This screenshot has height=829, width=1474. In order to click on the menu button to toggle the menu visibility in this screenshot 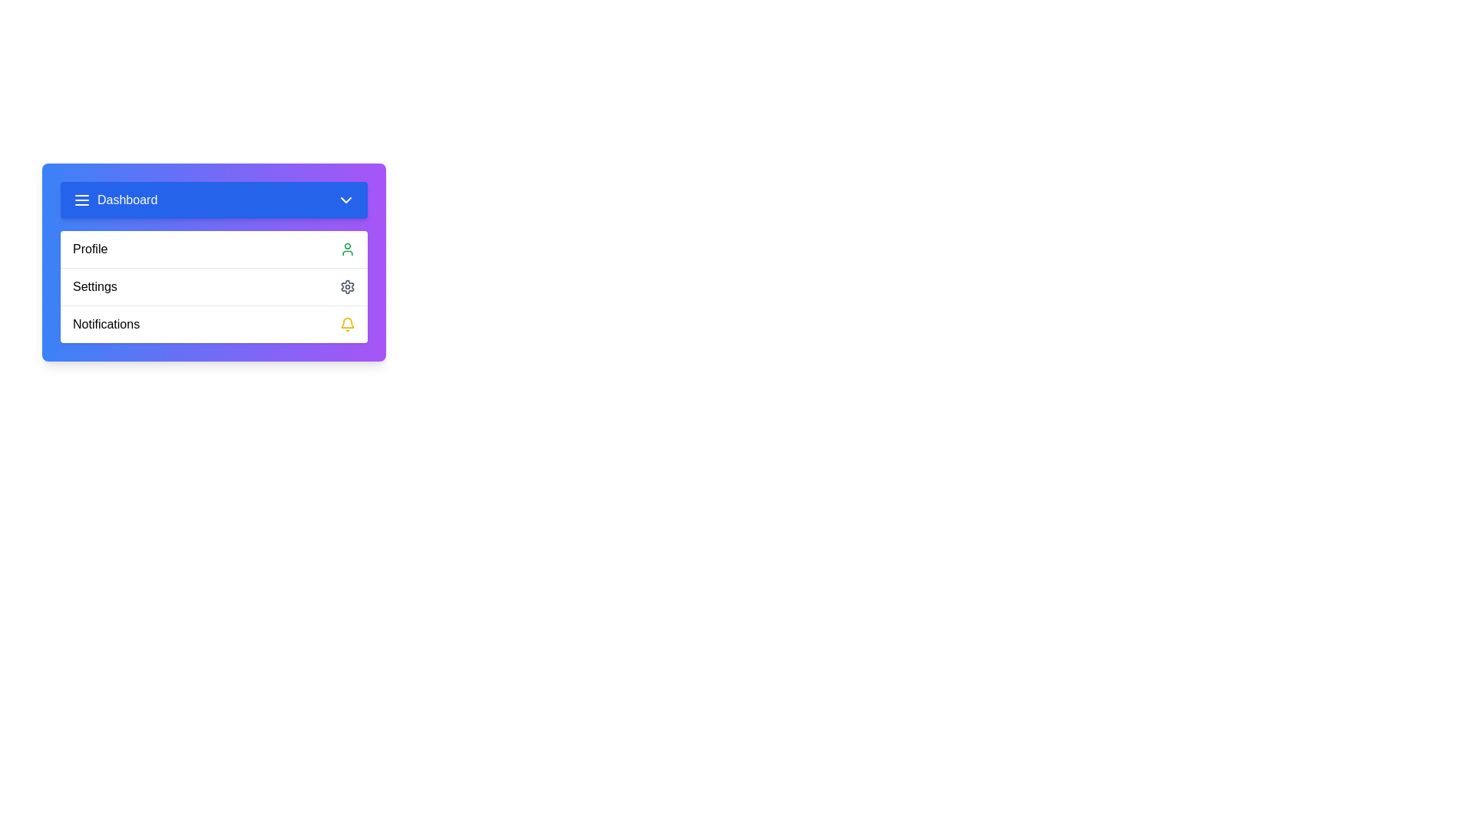, I will do `click(213, 200)`.